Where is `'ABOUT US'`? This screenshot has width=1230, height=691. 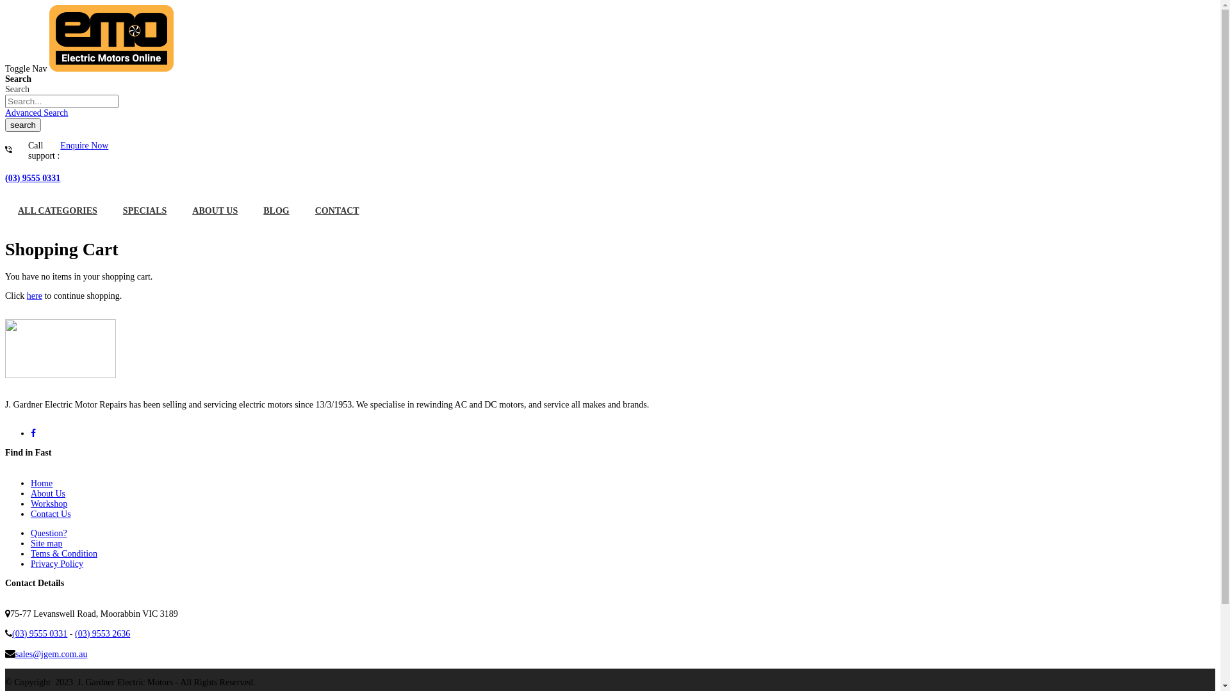
'ABOUT US' is located at coordinates (178, 210).